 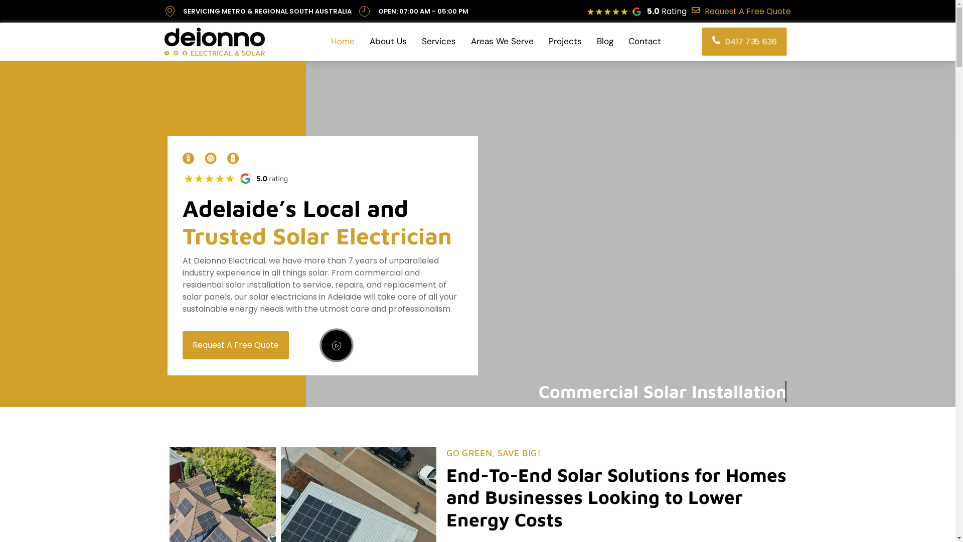 What do you see at coordinates (645, 41) in the screenshot?
I see `'Contact'` at bounding box center [645, 41].